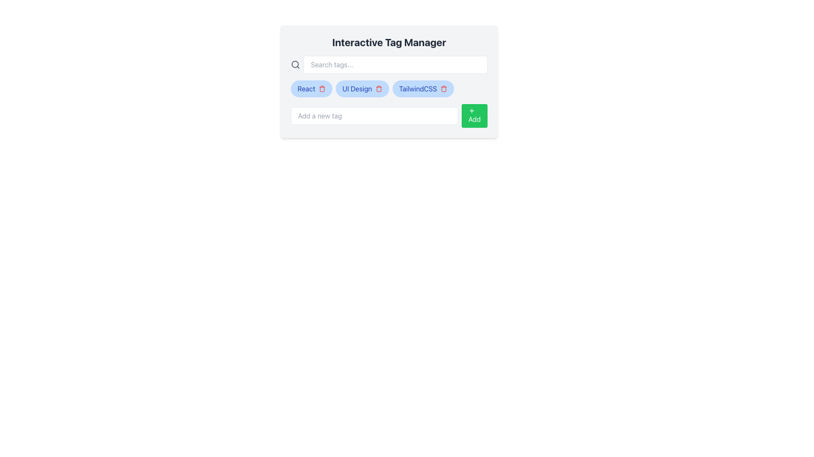 This screenshot has width=814, height=457. I want to click on the trash bin icon on the 'UI Design' button, so click(362, 88).